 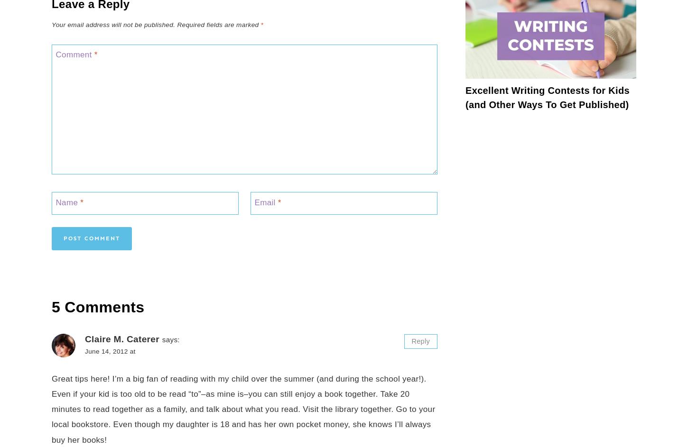 What do you see at coordinates (74, 55) in the screenshot?
I see `'Comment'` at bounding box center [74, 55].